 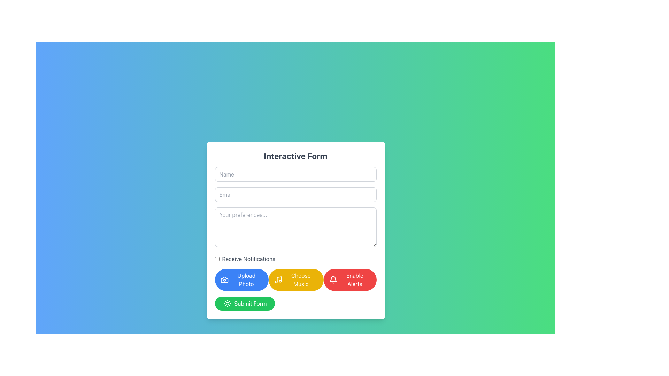 I want to click on the 'Upload Photo' button that contains the camera icon, which is located in the lower section of the form, so click(x=224, y=279).